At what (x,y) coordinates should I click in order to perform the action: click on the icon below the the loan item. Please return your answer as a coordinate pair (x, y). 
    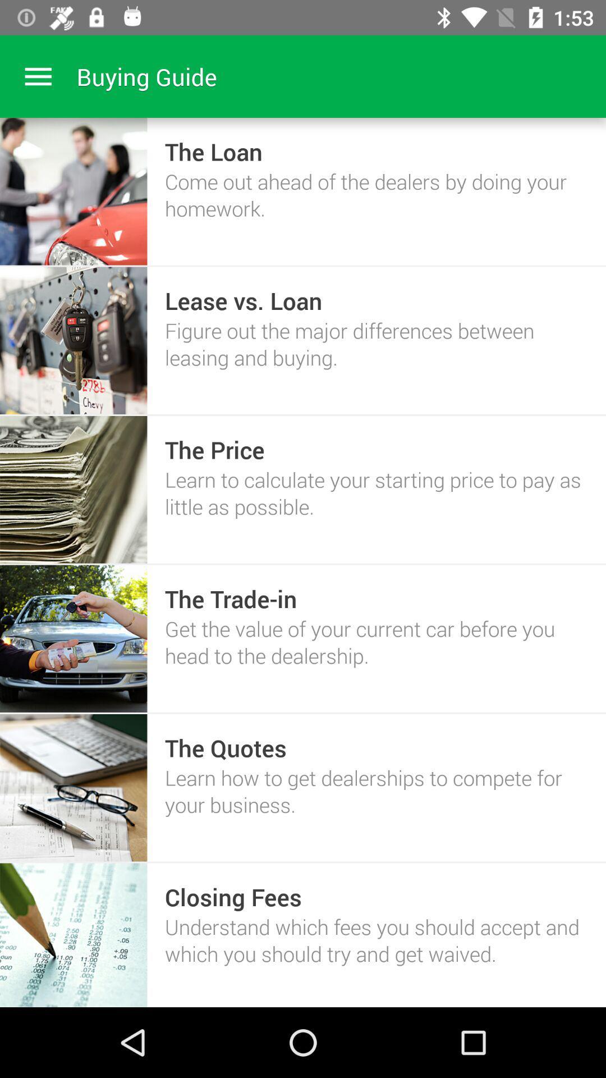
    Looking at the image, I should click on (377, 195).